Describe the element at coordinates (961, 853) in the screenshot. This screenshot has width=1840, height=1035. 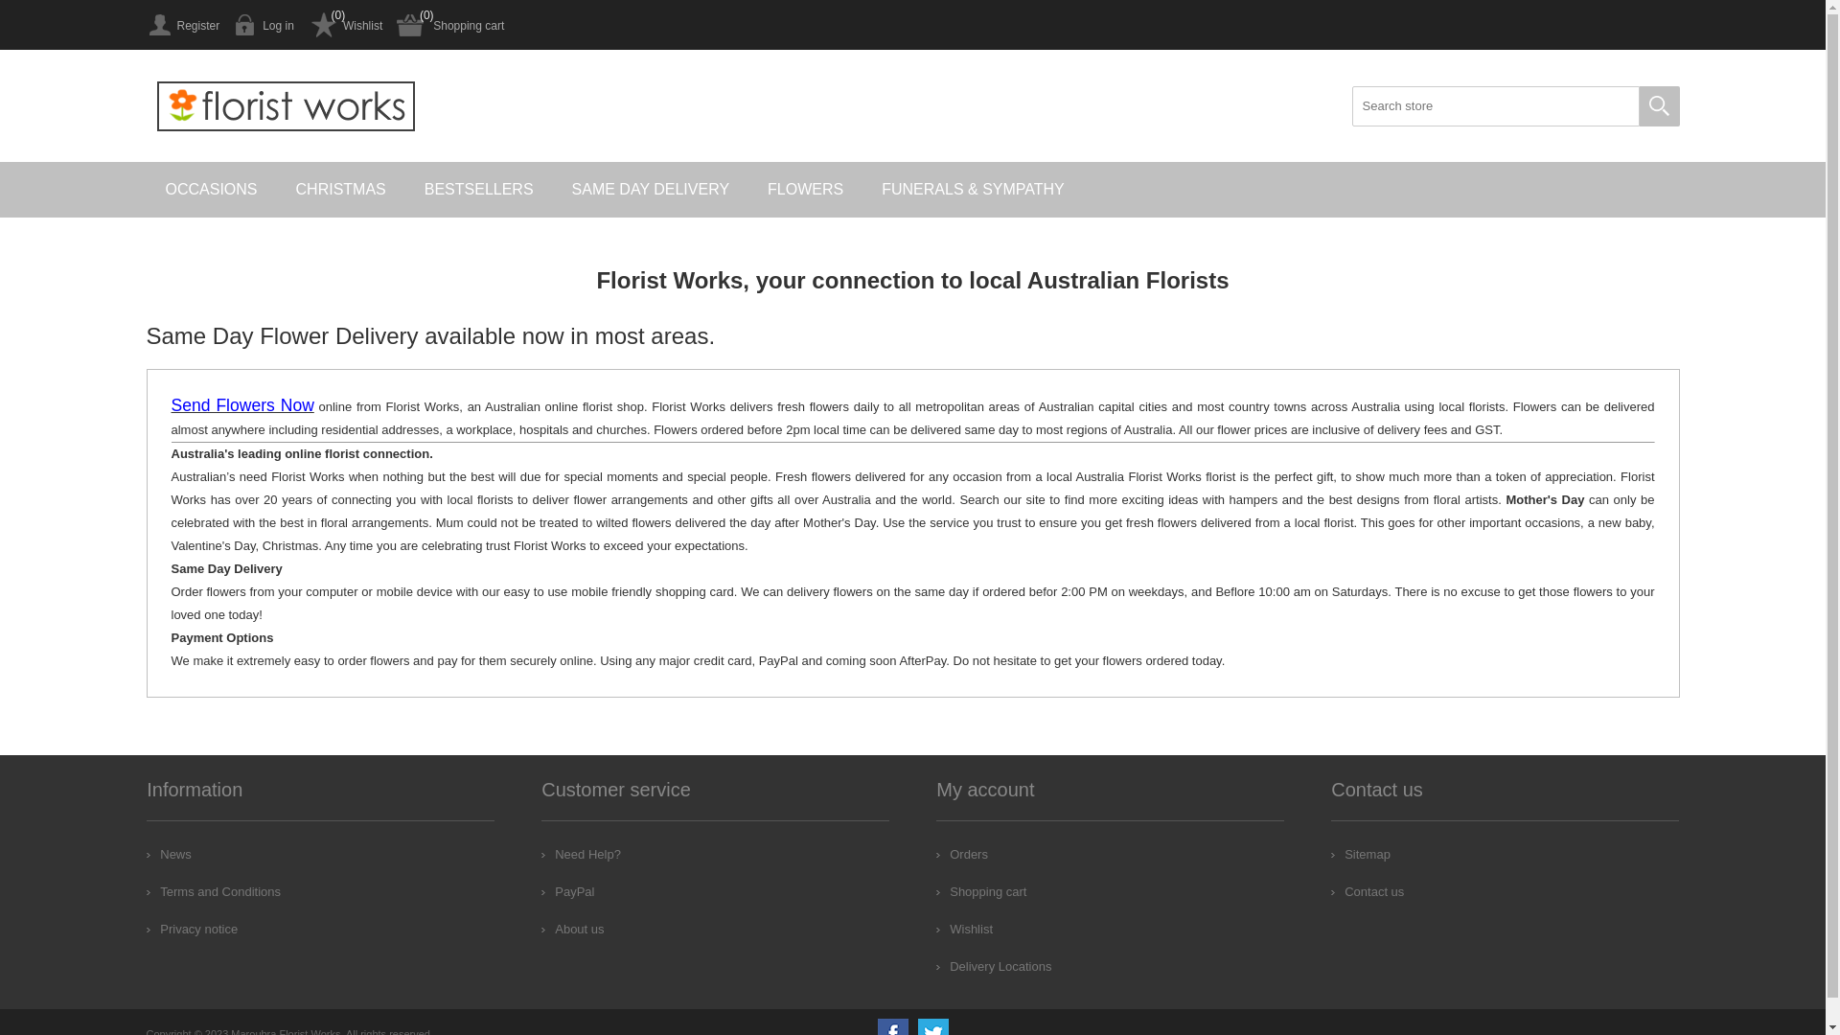
I see `'Orders'` at that location.